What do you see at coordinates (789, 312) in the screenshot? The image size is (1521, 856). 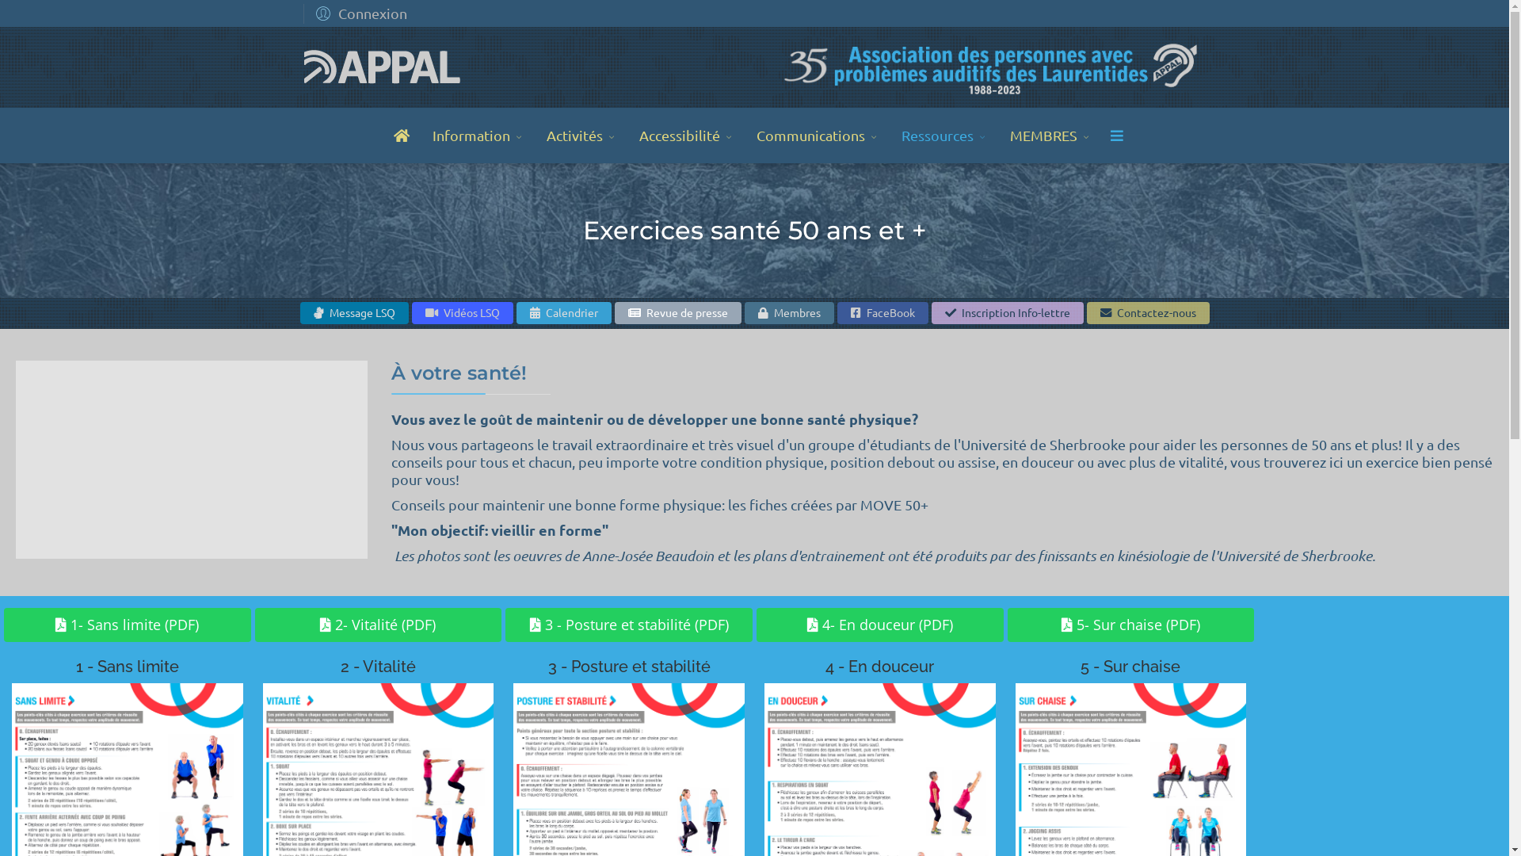 I see `'Membres'` at bounding box center [789, 312].